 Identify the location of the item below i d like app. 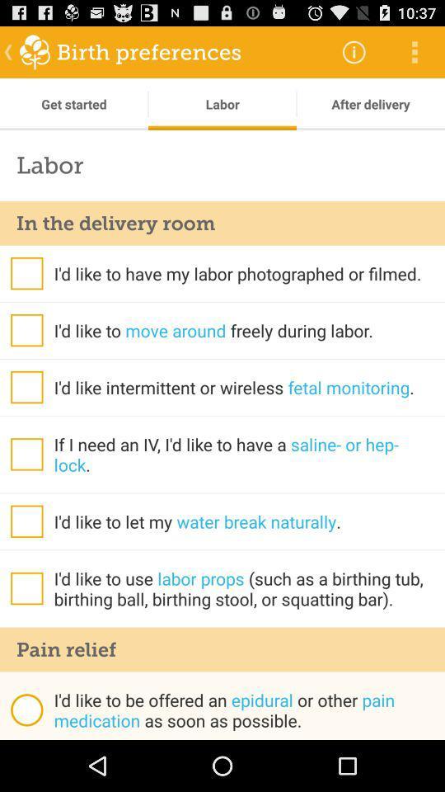
(222, 649).